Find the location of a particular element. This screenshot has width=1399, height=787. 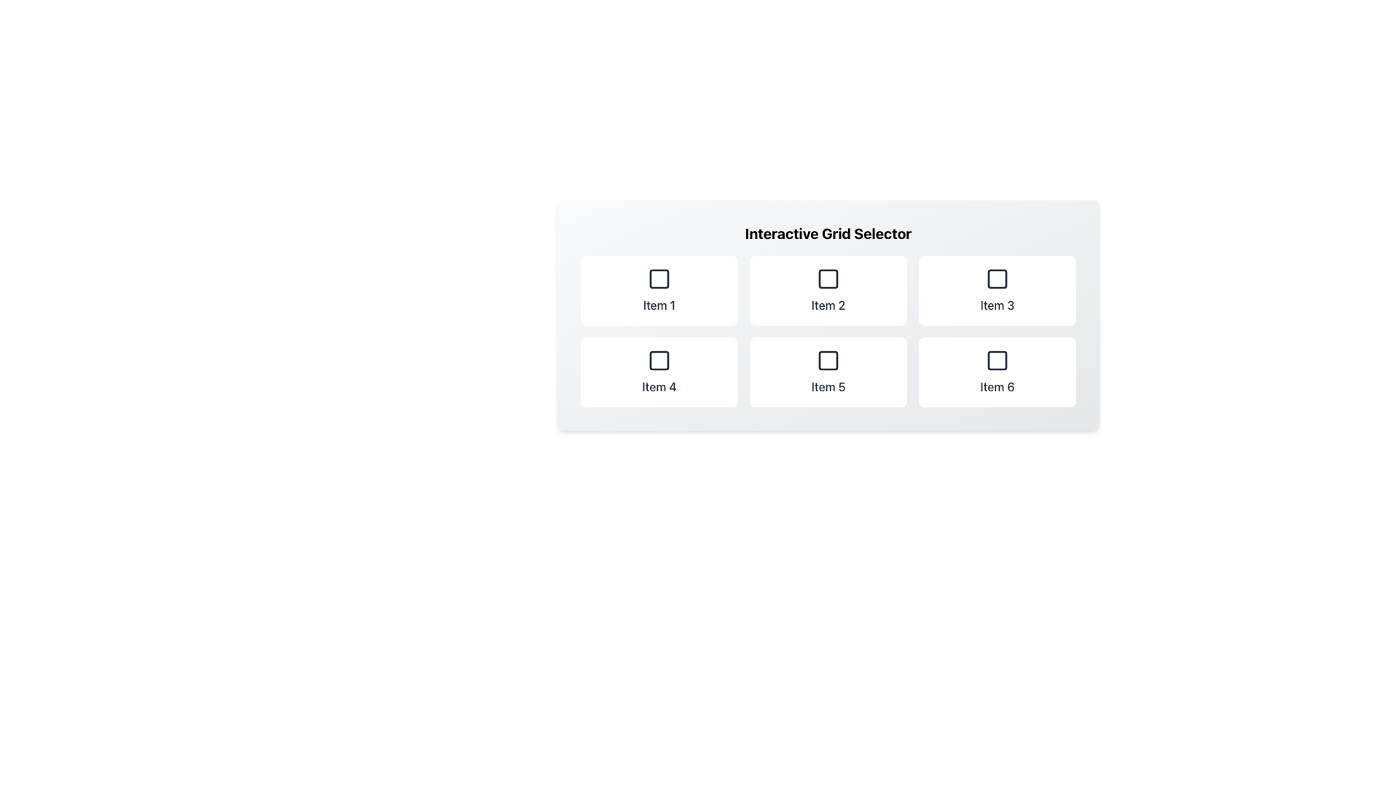

the rounded rectangular button labeled 'Item 1' is located at coordinates (659, 290).